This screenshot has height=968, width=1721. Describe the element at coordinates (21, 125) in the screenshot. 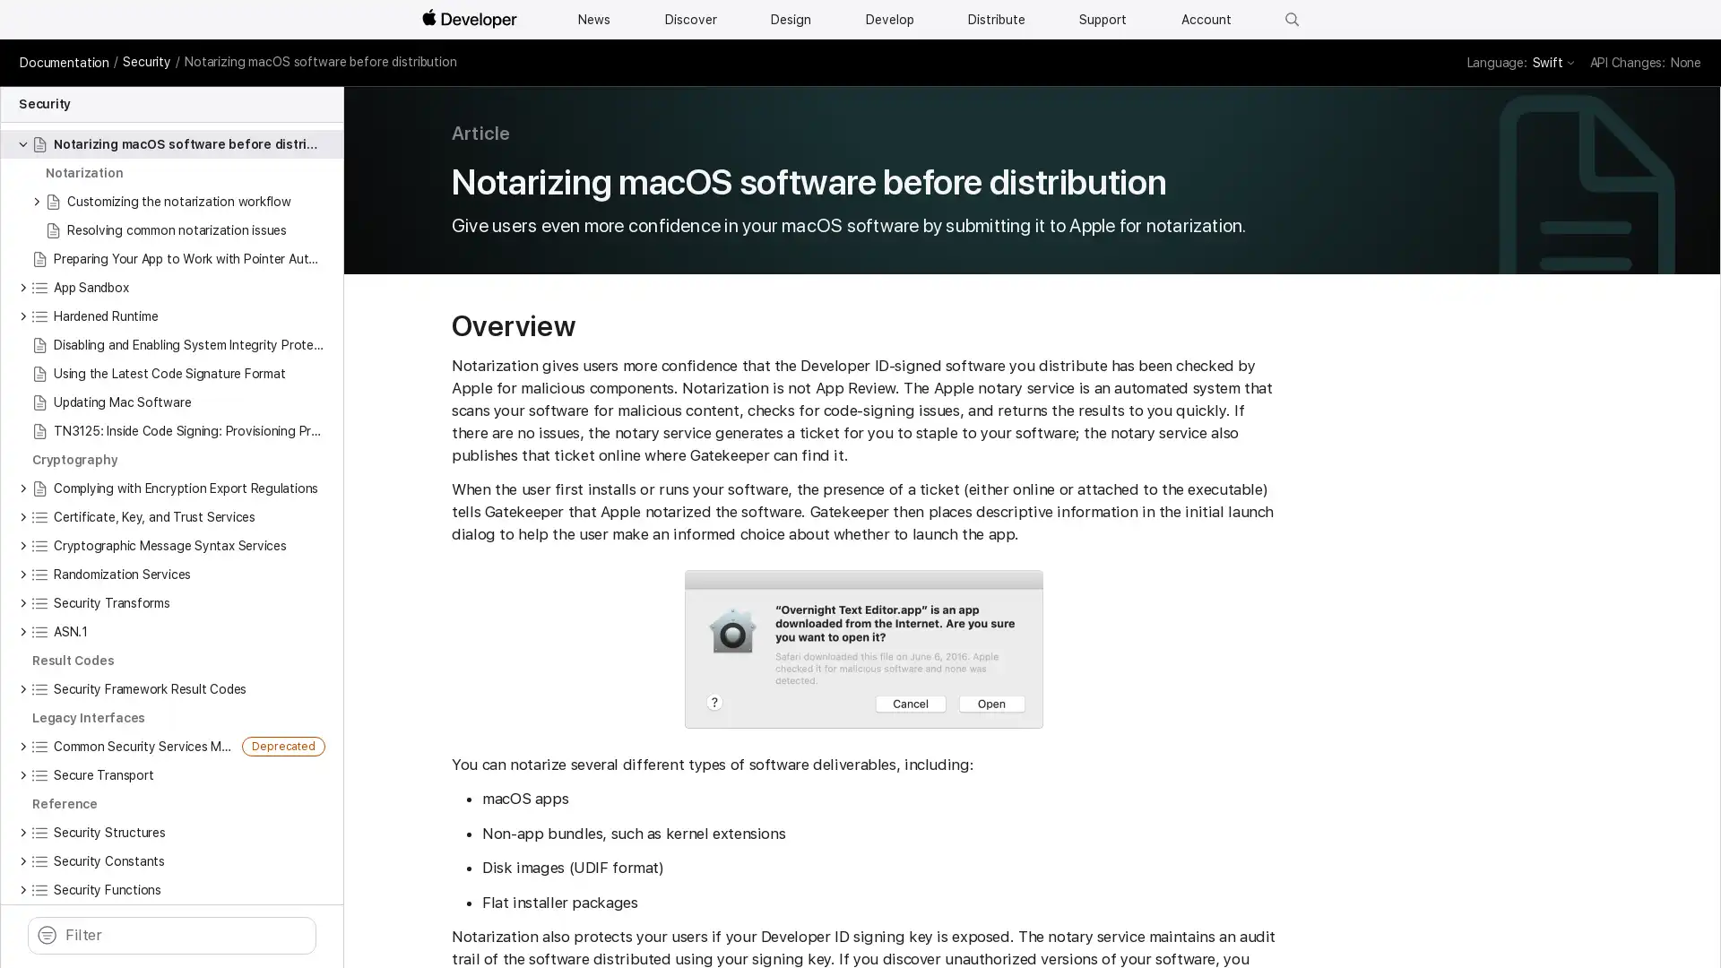

I see `Code Signing Services` at that location.